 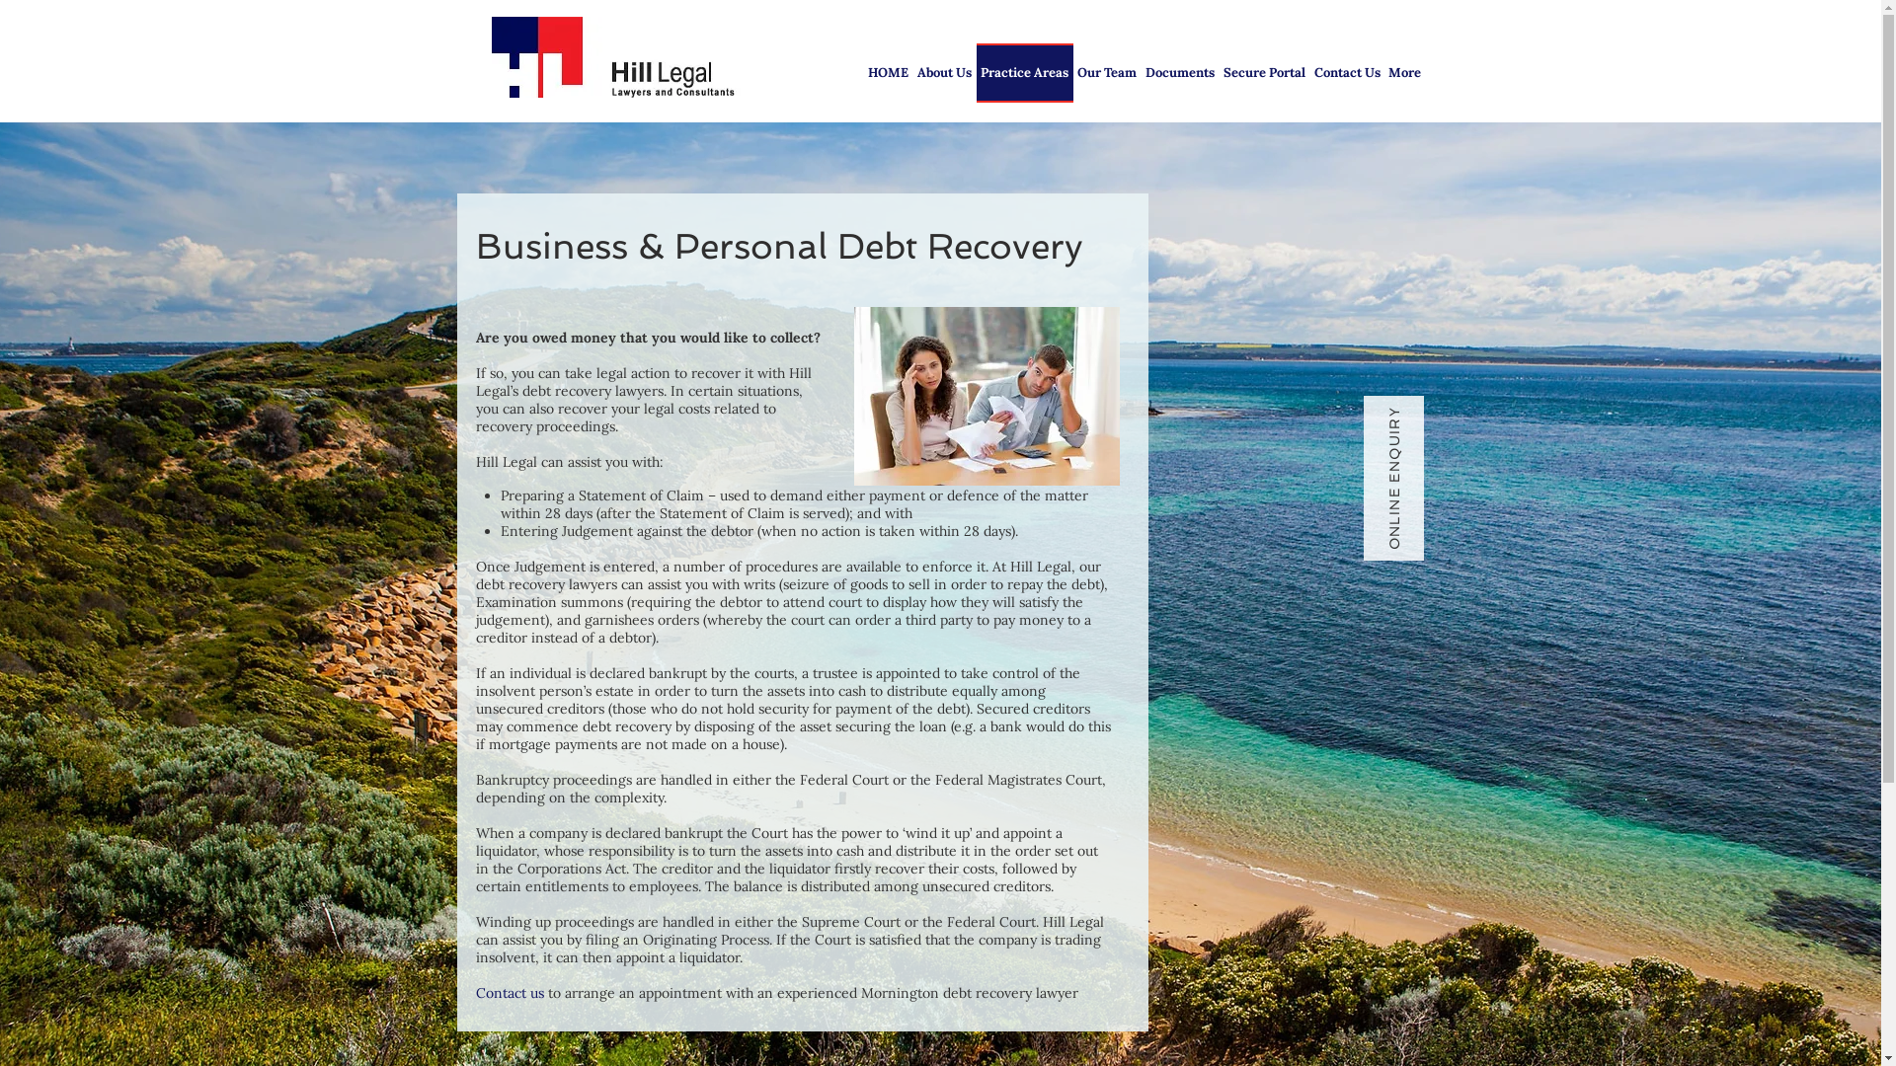 I want to click on 'Contact Us', so click(x=1345, y=71).